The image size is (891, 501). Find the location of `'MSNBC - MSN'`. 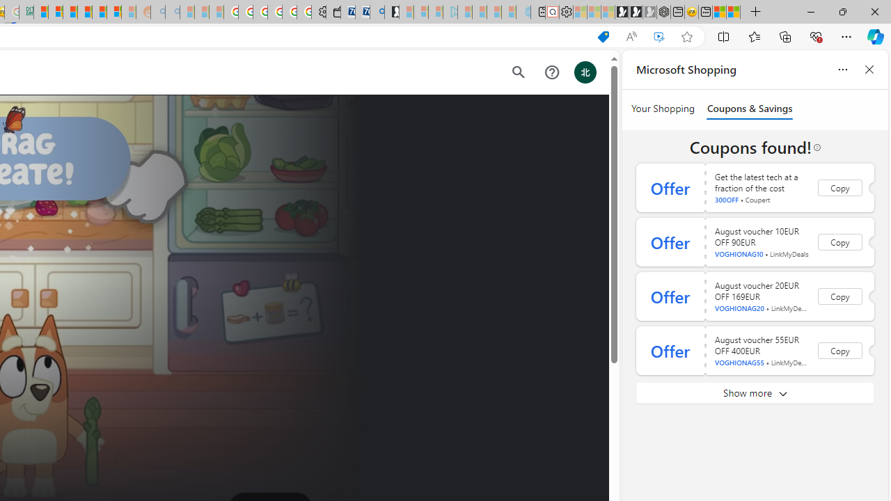

'MSNBC - MSN' is located at coordinates (40, 12).